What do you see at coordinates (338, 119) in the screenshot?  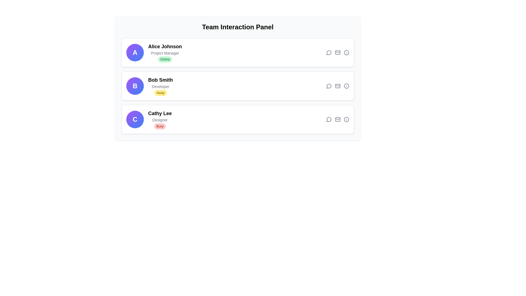 I see `the third icon in the Action Icon Group located in the rightmost region of Cathy Lee's card in the Team Interaction Panel` at bounding box center [338, 119].